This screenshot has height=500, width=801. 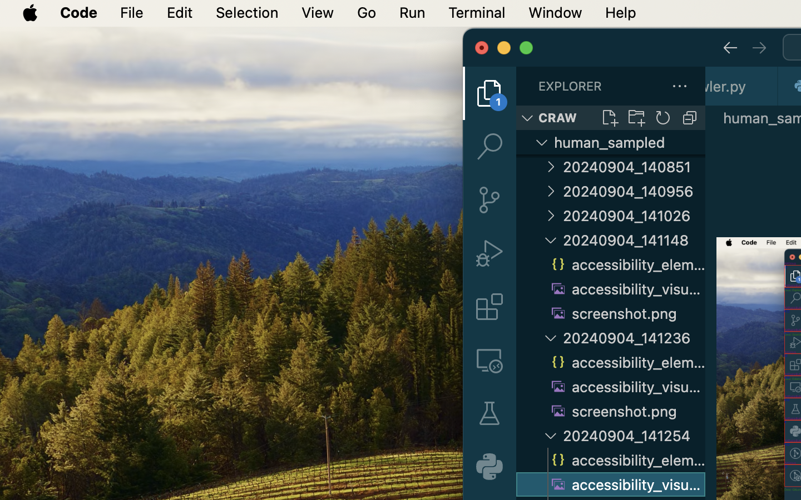 I want to click on '20240904_141148', so click(x=634, y=240).